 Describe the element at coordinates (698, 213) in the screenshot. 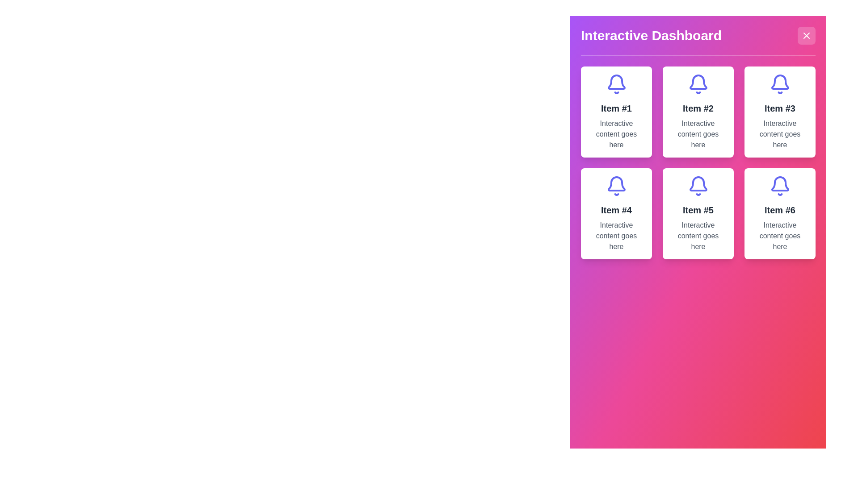

I see `the interactive Dashboard card located in the second row, middle column of the three-by-two grid` at that location.